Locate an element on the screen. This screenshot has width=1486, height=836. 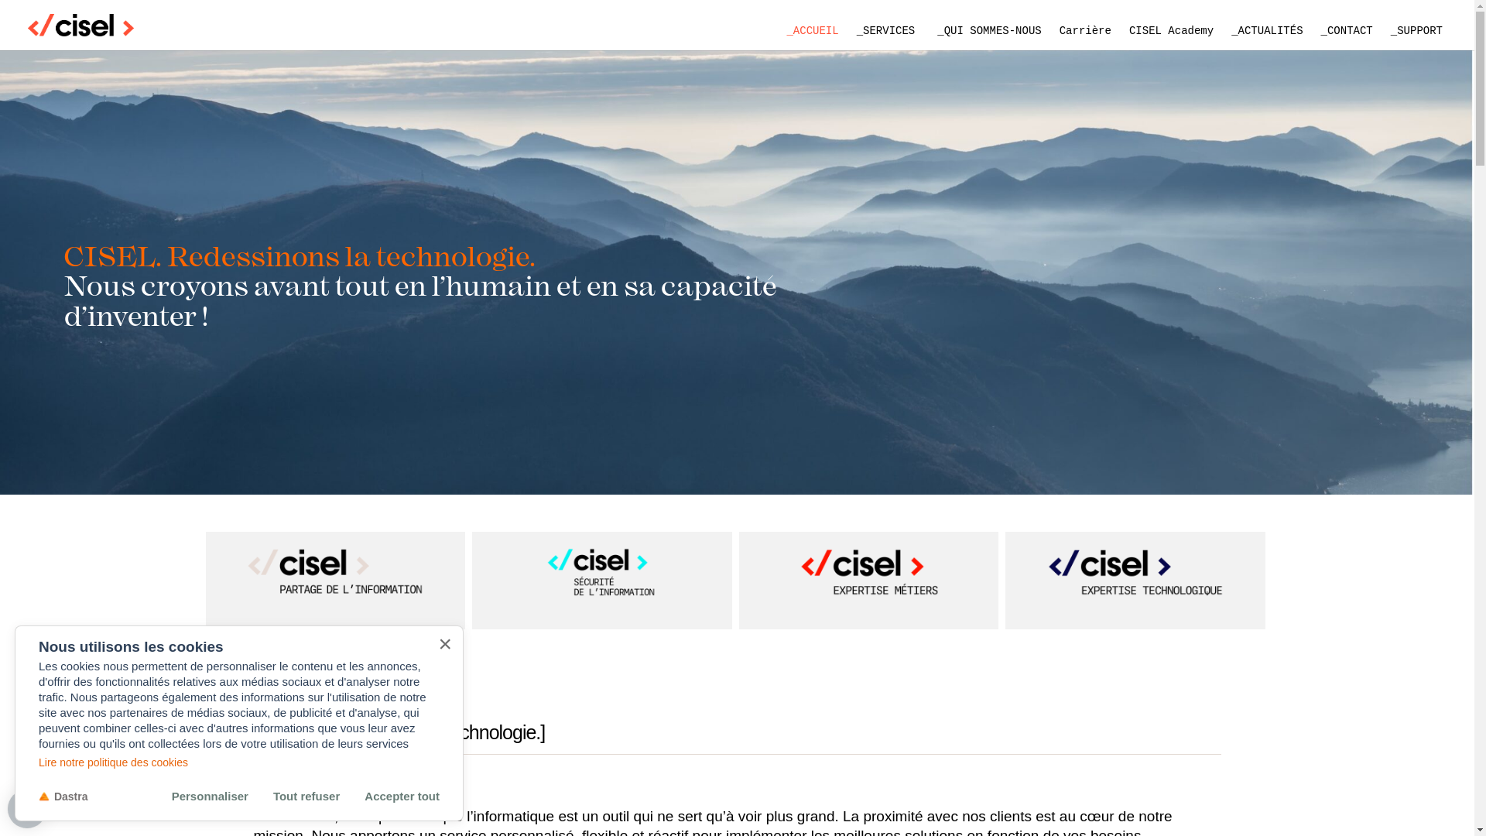
'_QUI SOMMES-NOUS' is located at coordinates (929, 30).